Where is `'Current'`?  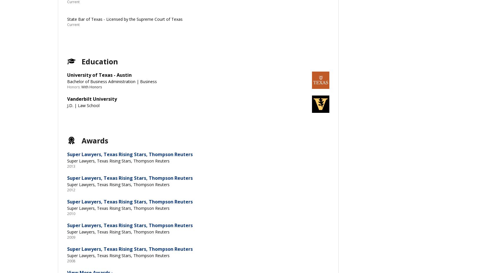 'Current' is located at coordinates (73, 24).